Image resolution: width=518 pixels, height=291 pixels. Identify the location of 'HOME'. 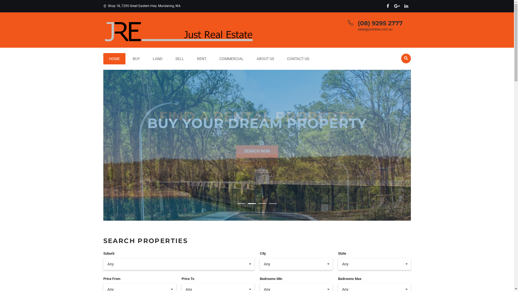
(114, 59).